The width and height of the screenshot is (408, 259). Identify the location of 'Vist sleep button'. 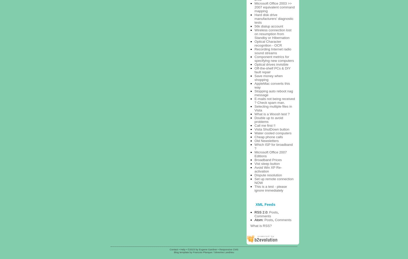
(267, 163).